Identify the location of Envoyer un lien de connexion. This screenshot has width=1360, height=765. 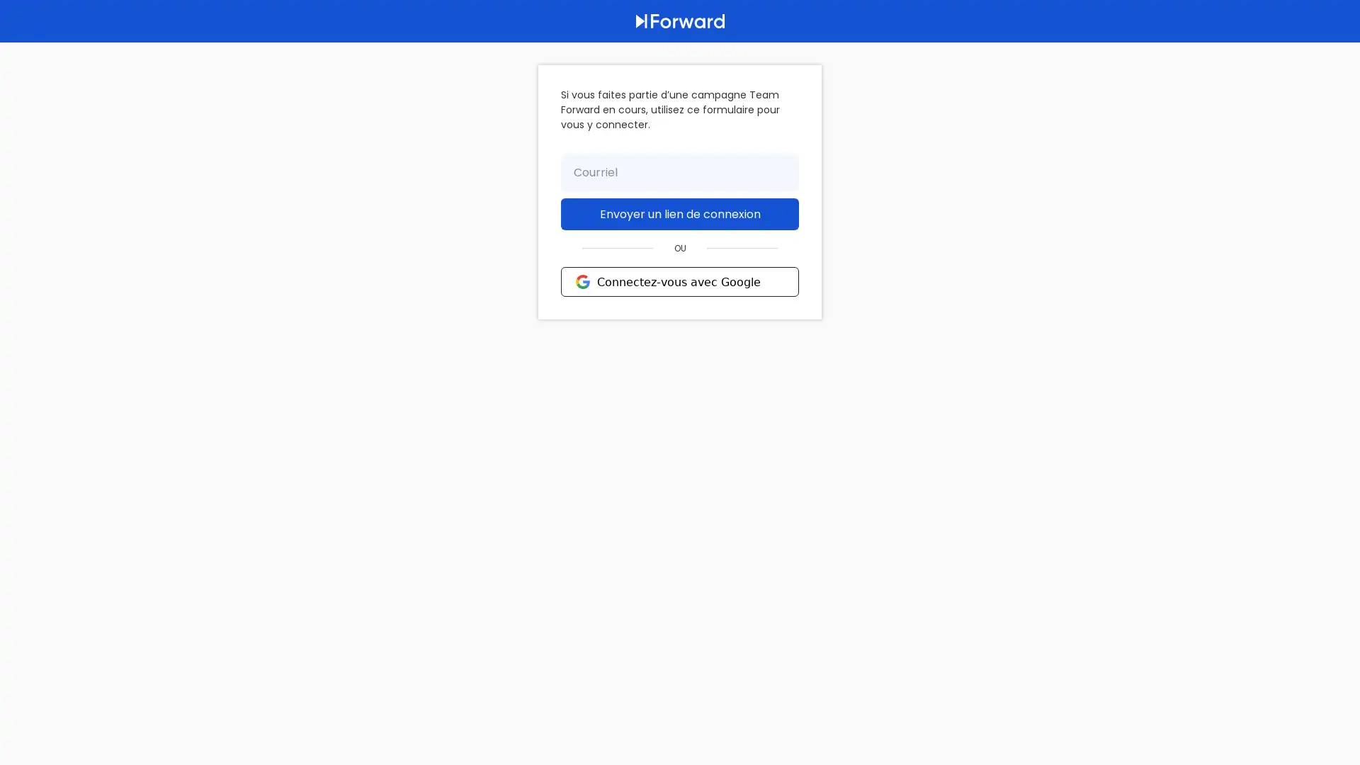
(680, 214).